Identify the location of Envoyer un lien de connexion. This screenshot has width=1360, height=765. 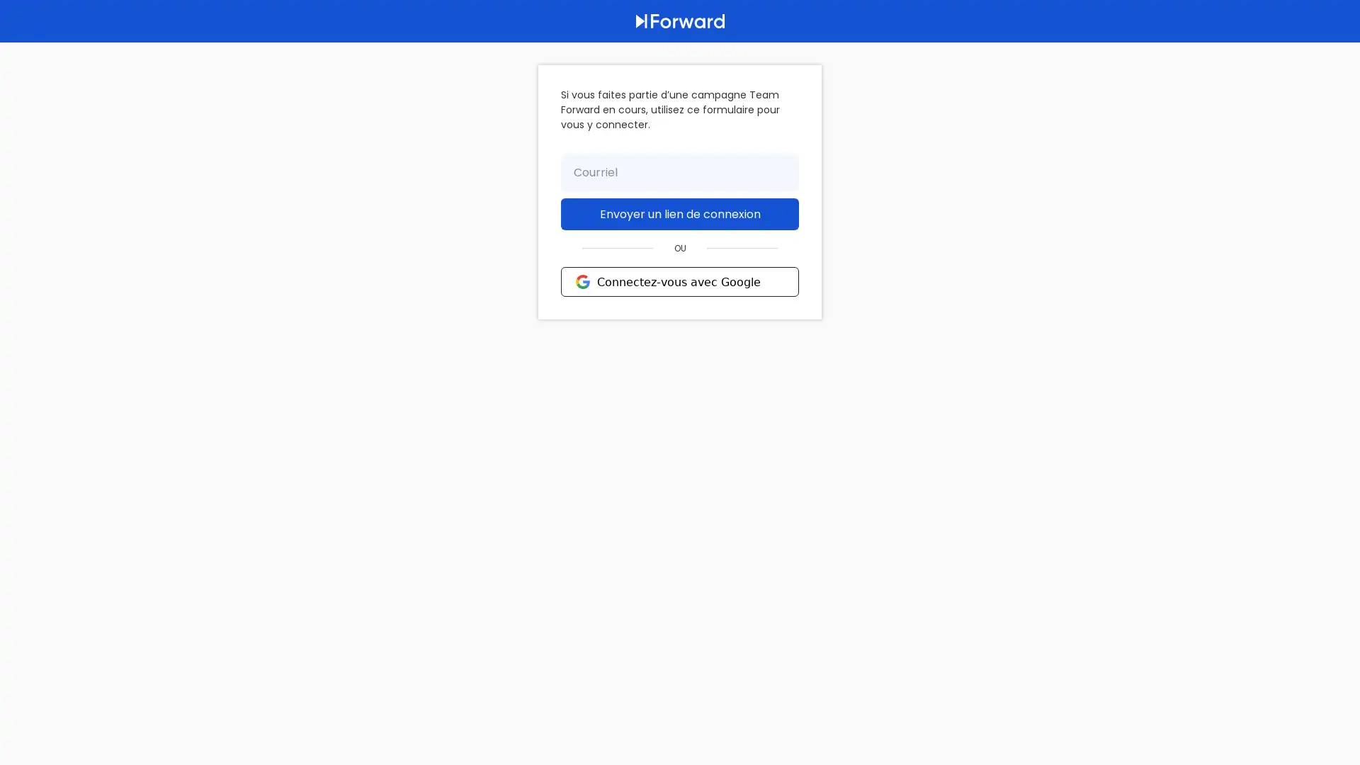
(680, 214).